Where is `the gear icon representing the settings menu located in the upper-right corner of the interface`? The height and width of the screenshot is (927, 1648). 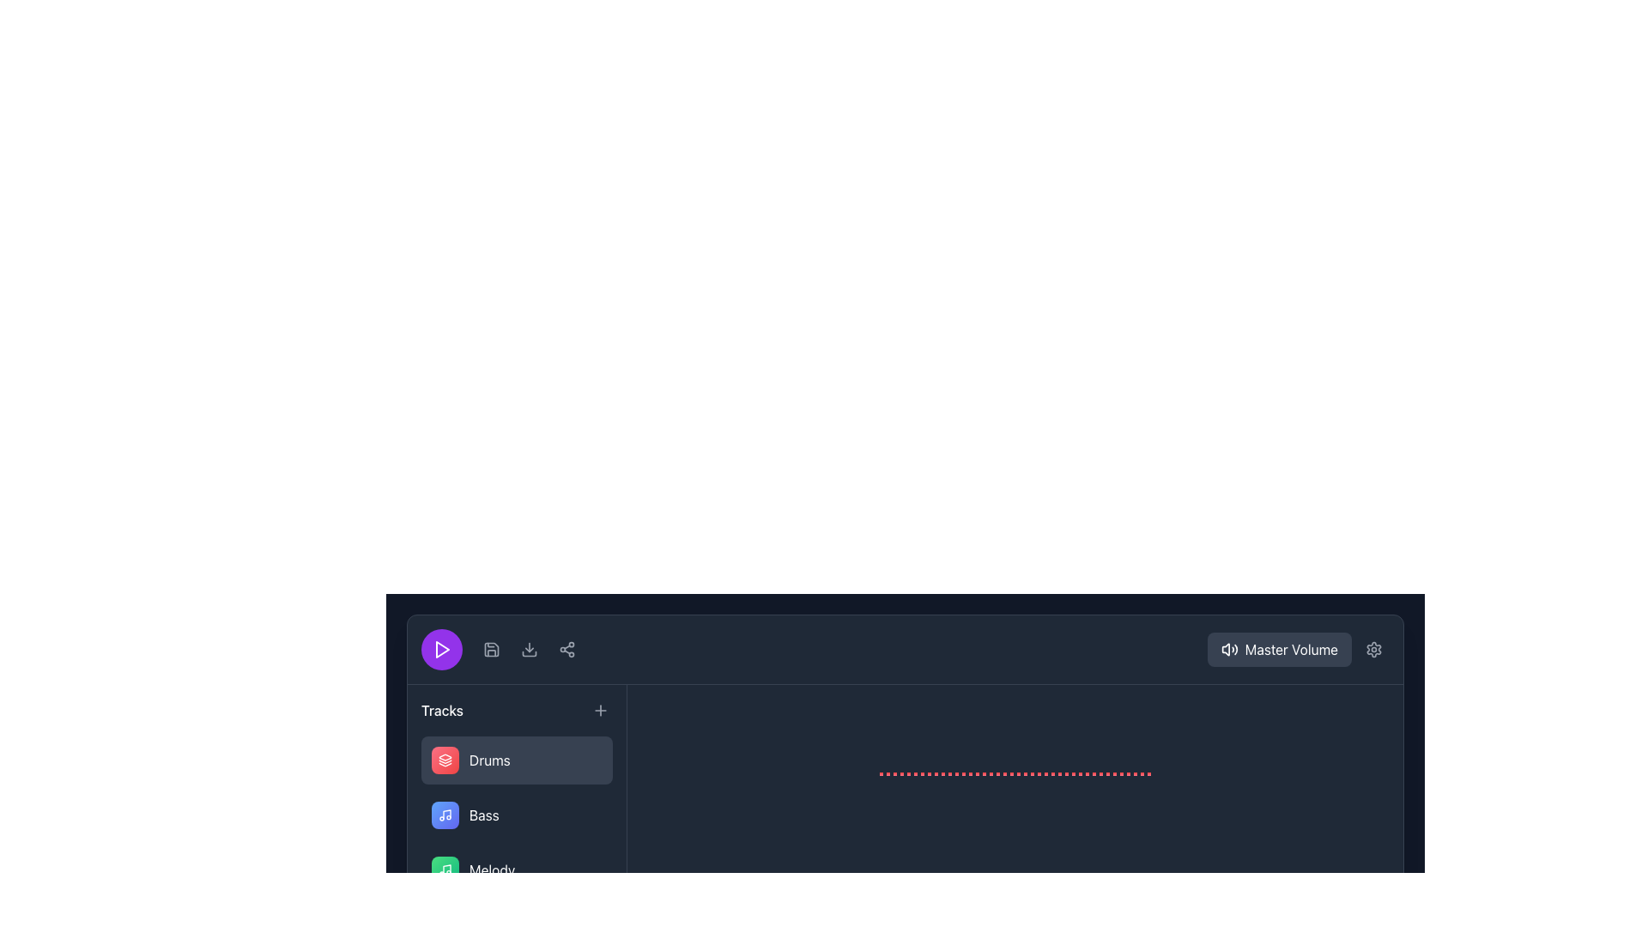
the gear icon representing the settings menu located in the upper-right corner of the interface is located at coordinates (1374, 649).